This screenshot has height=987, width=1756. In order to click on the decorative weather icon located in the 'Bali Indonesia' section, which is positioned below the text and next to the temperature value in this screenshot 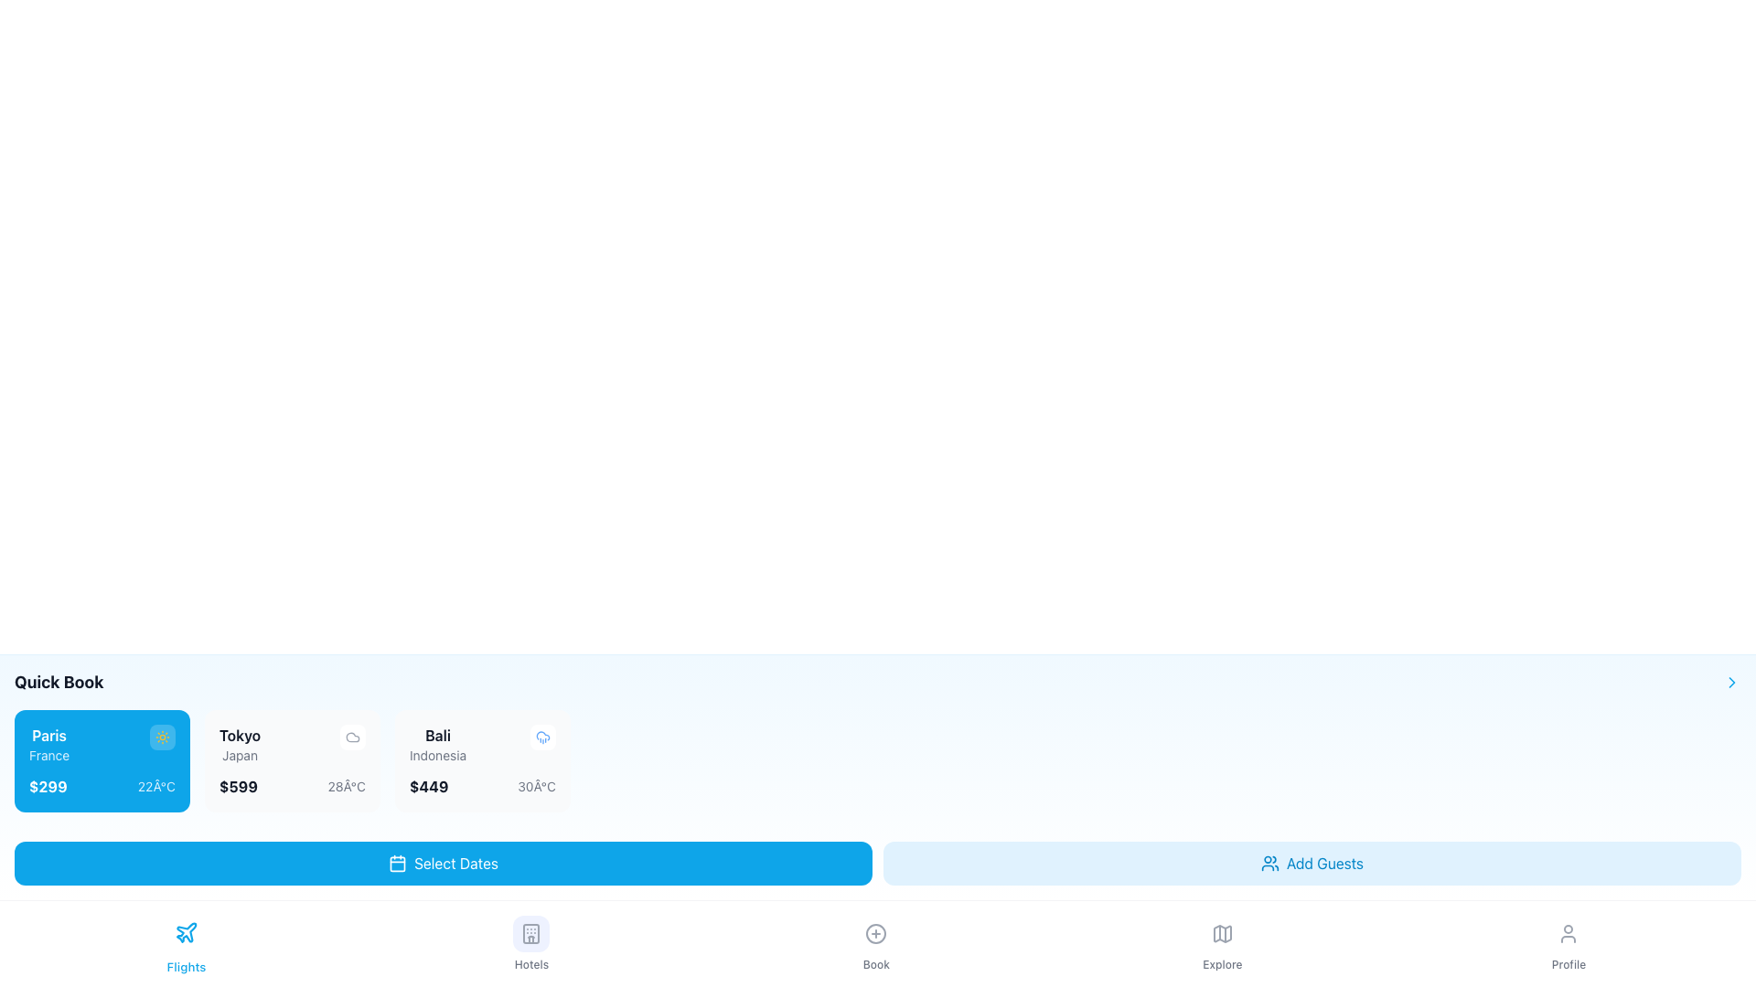, I will do `click(352, 736)`.